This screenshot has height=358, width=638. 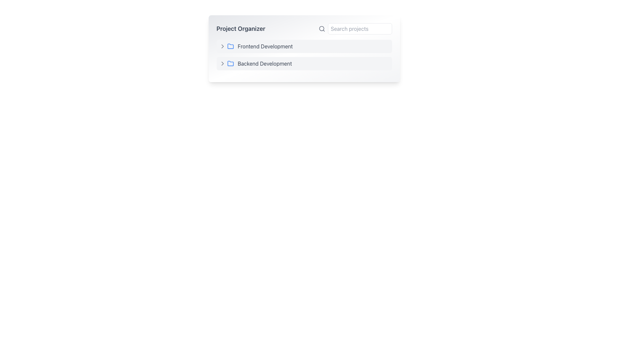 I want to click on the search icon, which is a minimalist gray magnifying glass located immediately to the left of the 'Search projects' input field in the 'Project Organizer' section, so click(x=322, y=29).